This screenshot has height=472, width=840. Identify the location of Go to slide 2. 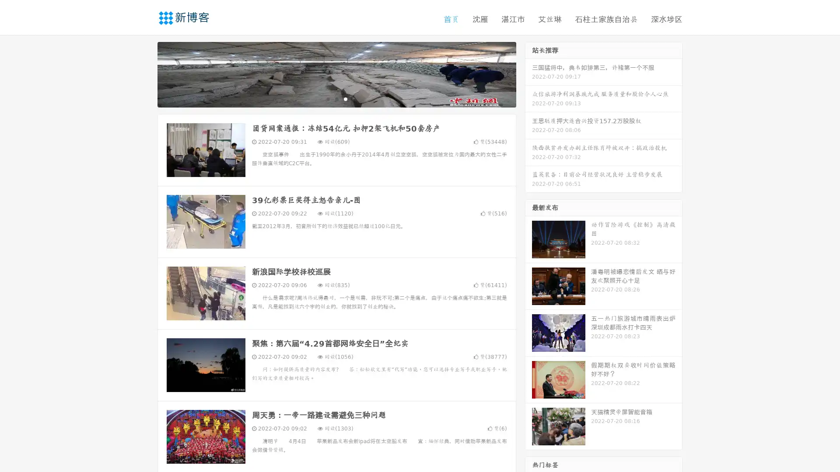
(336, 98).